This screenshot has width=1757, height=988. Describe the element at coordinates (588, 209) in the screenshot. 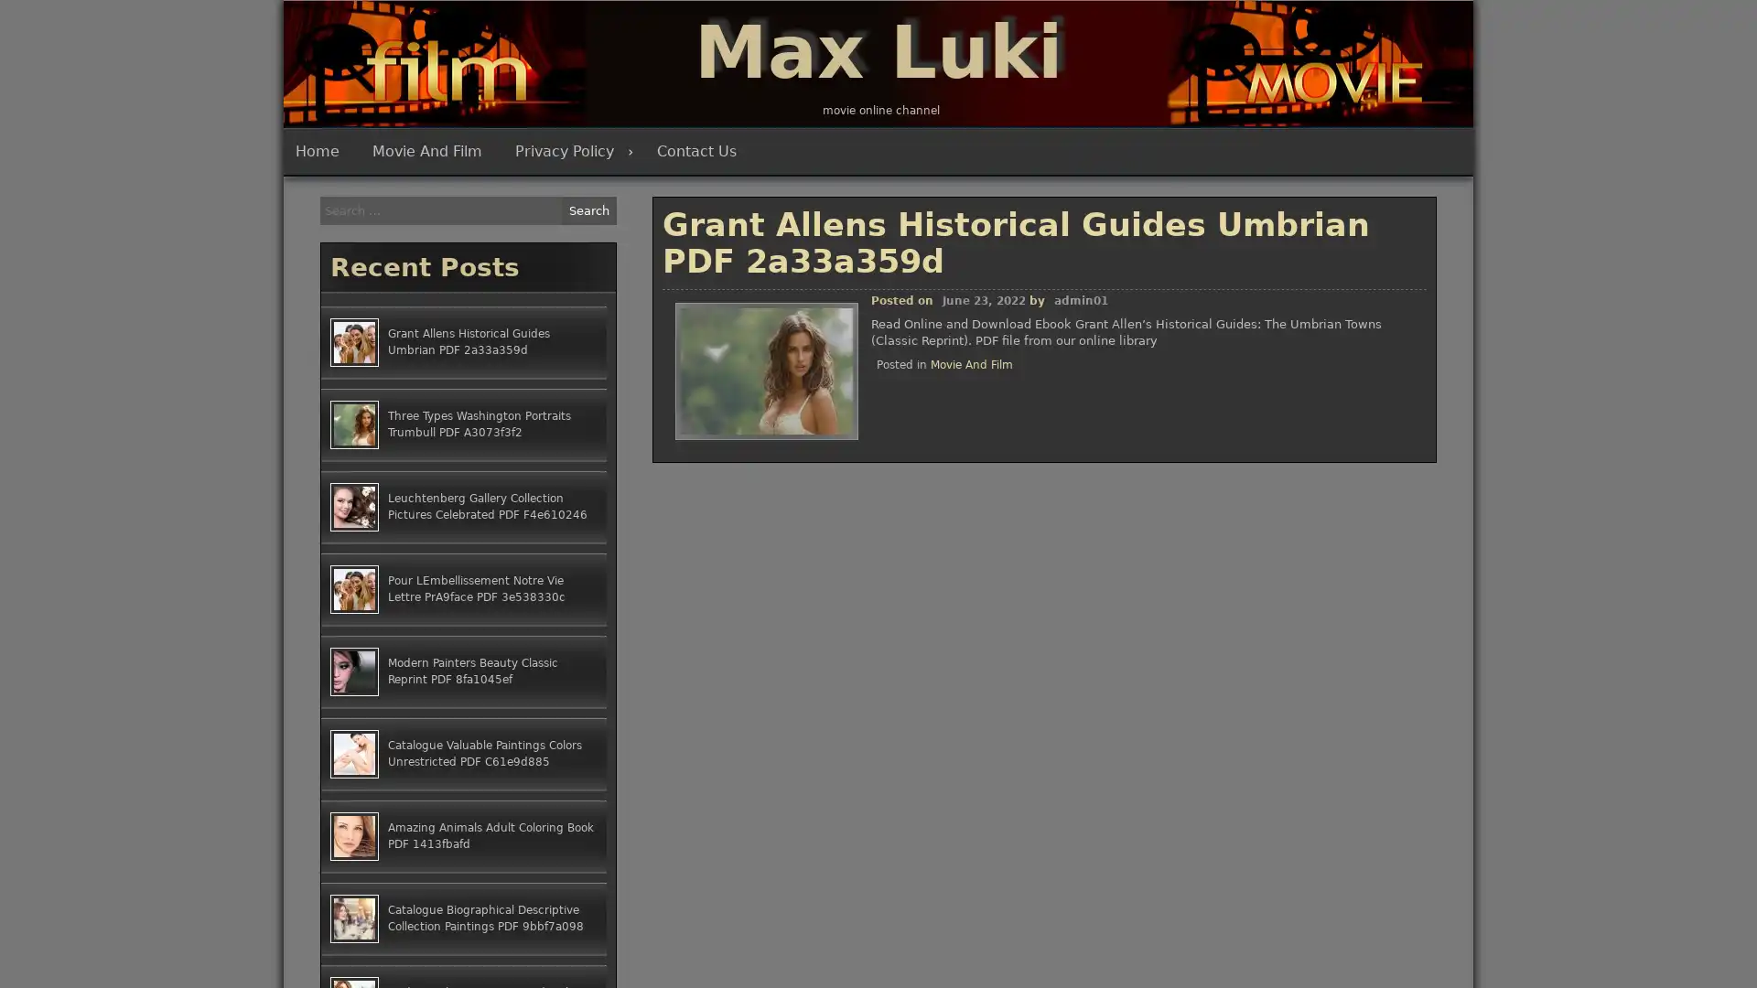

I see `Search` at that location.